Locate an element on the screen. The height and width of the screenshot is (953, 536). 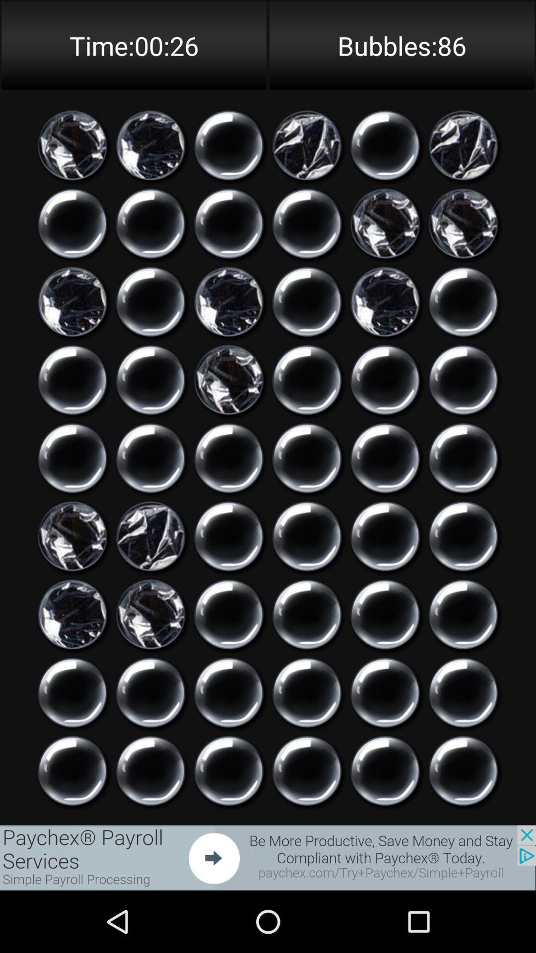
bubble image is located at coordinates (229, 458).